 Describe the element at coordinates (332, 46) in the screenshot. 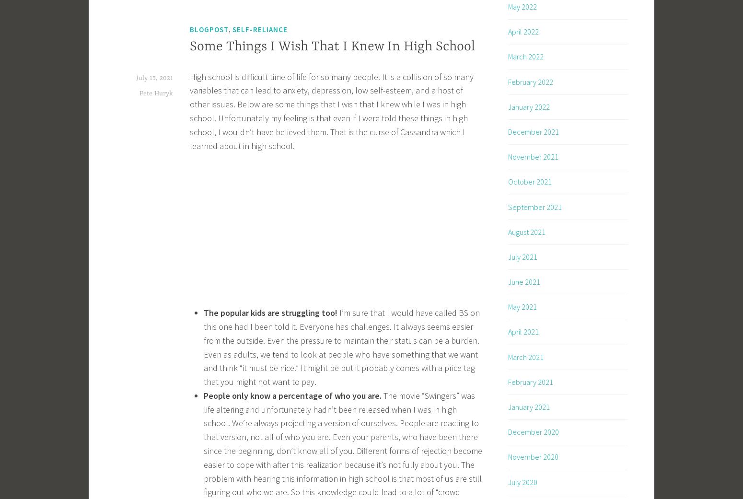

I see `'Some Things I Wish That I Knew In High School'` at that location.